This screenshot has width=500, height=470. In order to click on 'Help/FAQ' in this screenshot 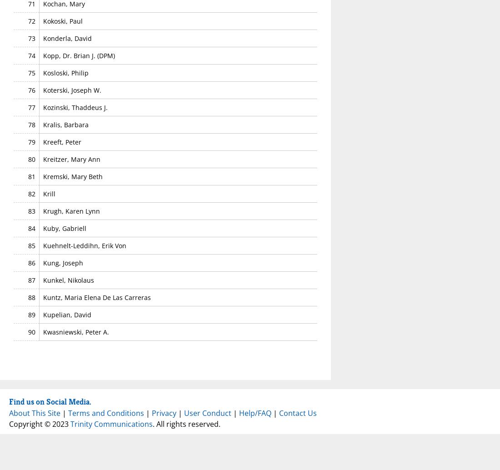, I will do `click(255, 412)`.